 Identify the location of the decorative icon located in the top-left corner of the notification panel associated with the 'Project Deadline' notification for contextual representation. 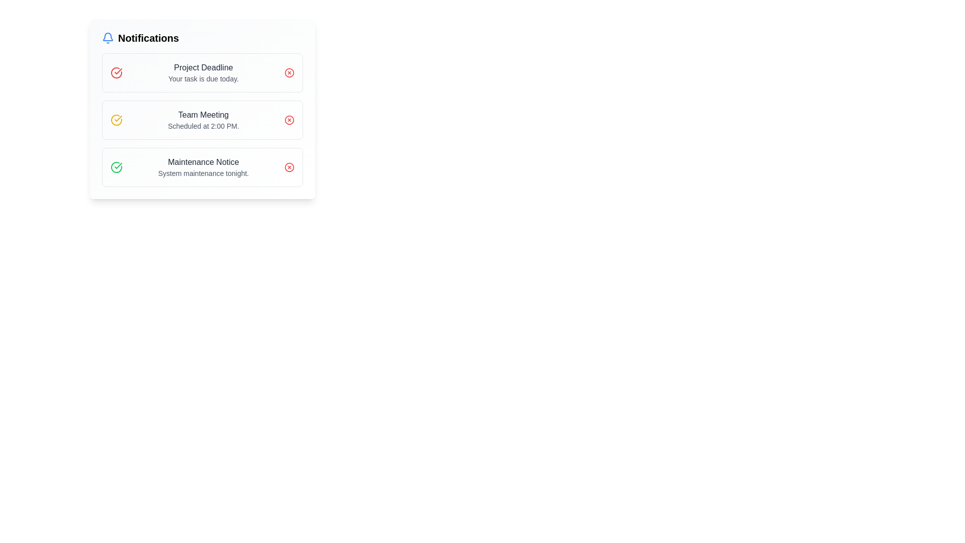
(118, 71).